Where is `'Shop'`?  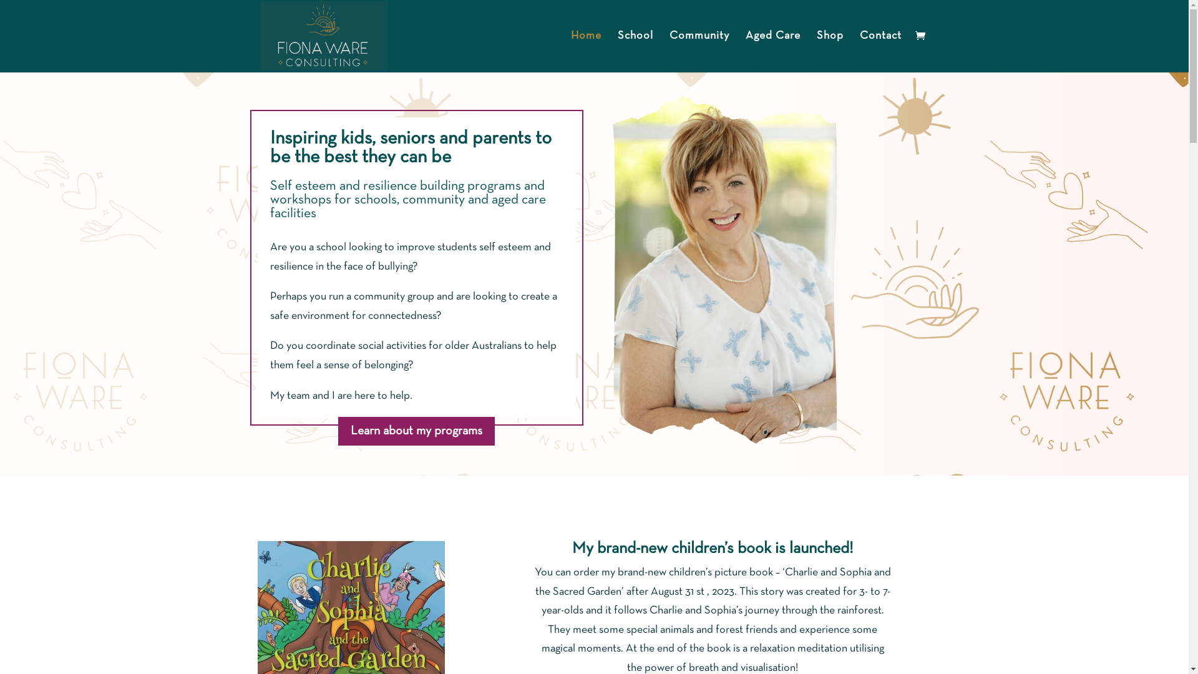
'Shop' is located at coordinates (829, 51).